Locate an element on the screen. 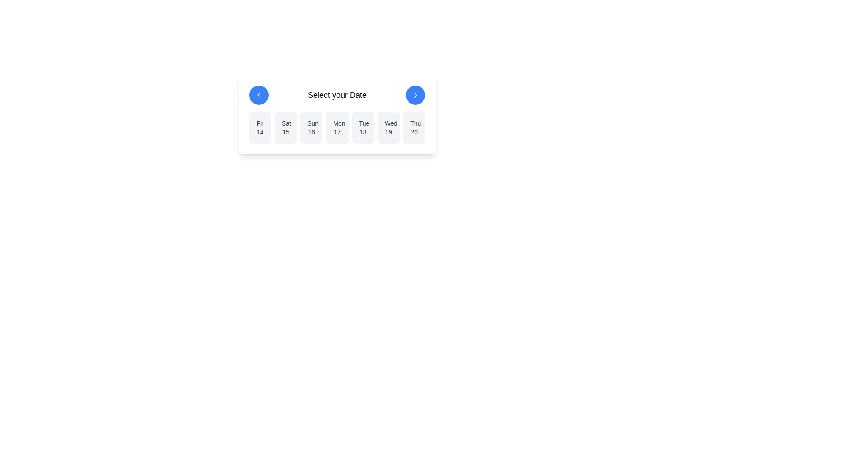 Image resolution: width=847 pixels, height=476 pixels. the navigation icon located at the far-left side of the horizontal interface section is located at coordinates (258, 95).